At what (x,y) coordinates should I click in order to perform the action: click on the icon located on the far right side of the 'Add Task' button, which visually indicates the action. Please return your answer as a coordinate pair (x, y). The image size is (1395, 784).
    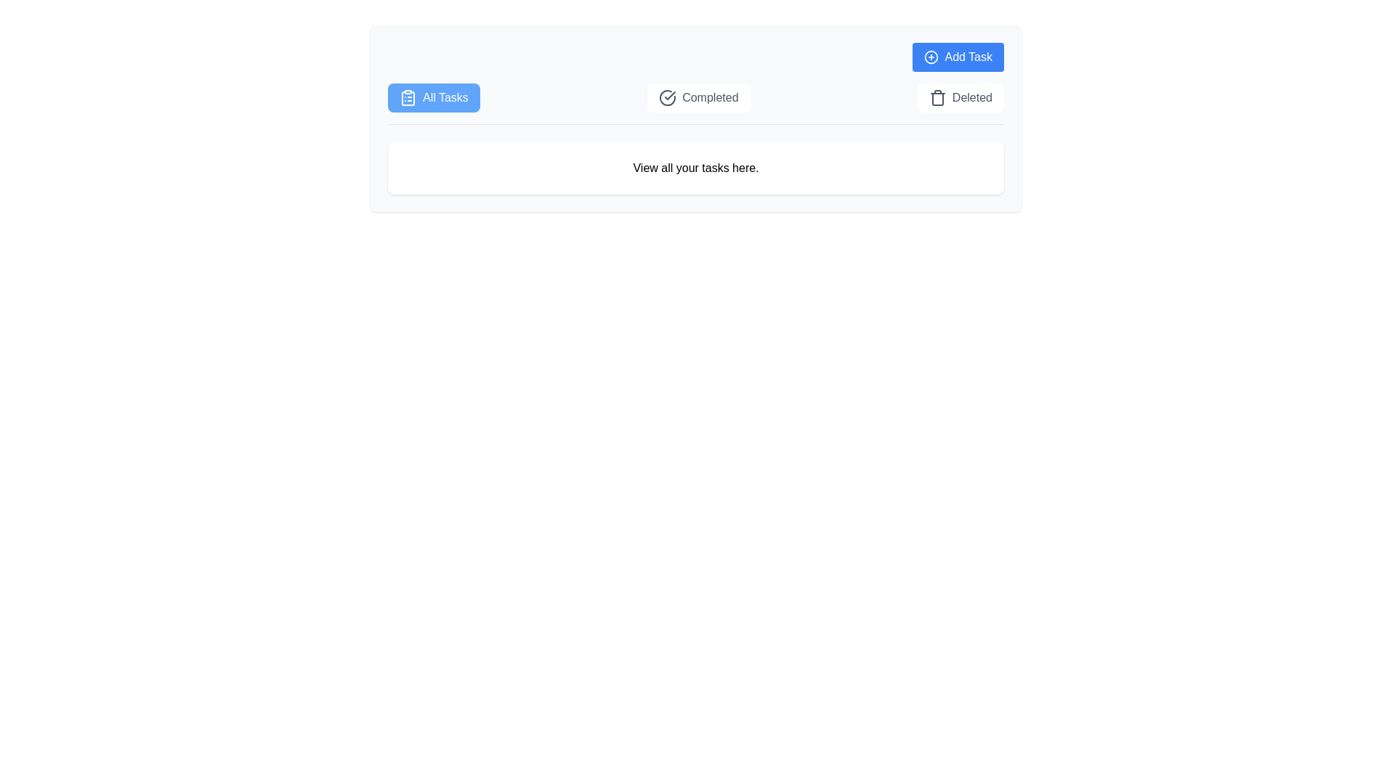
    Looking at the image, I should click on (931, 56).